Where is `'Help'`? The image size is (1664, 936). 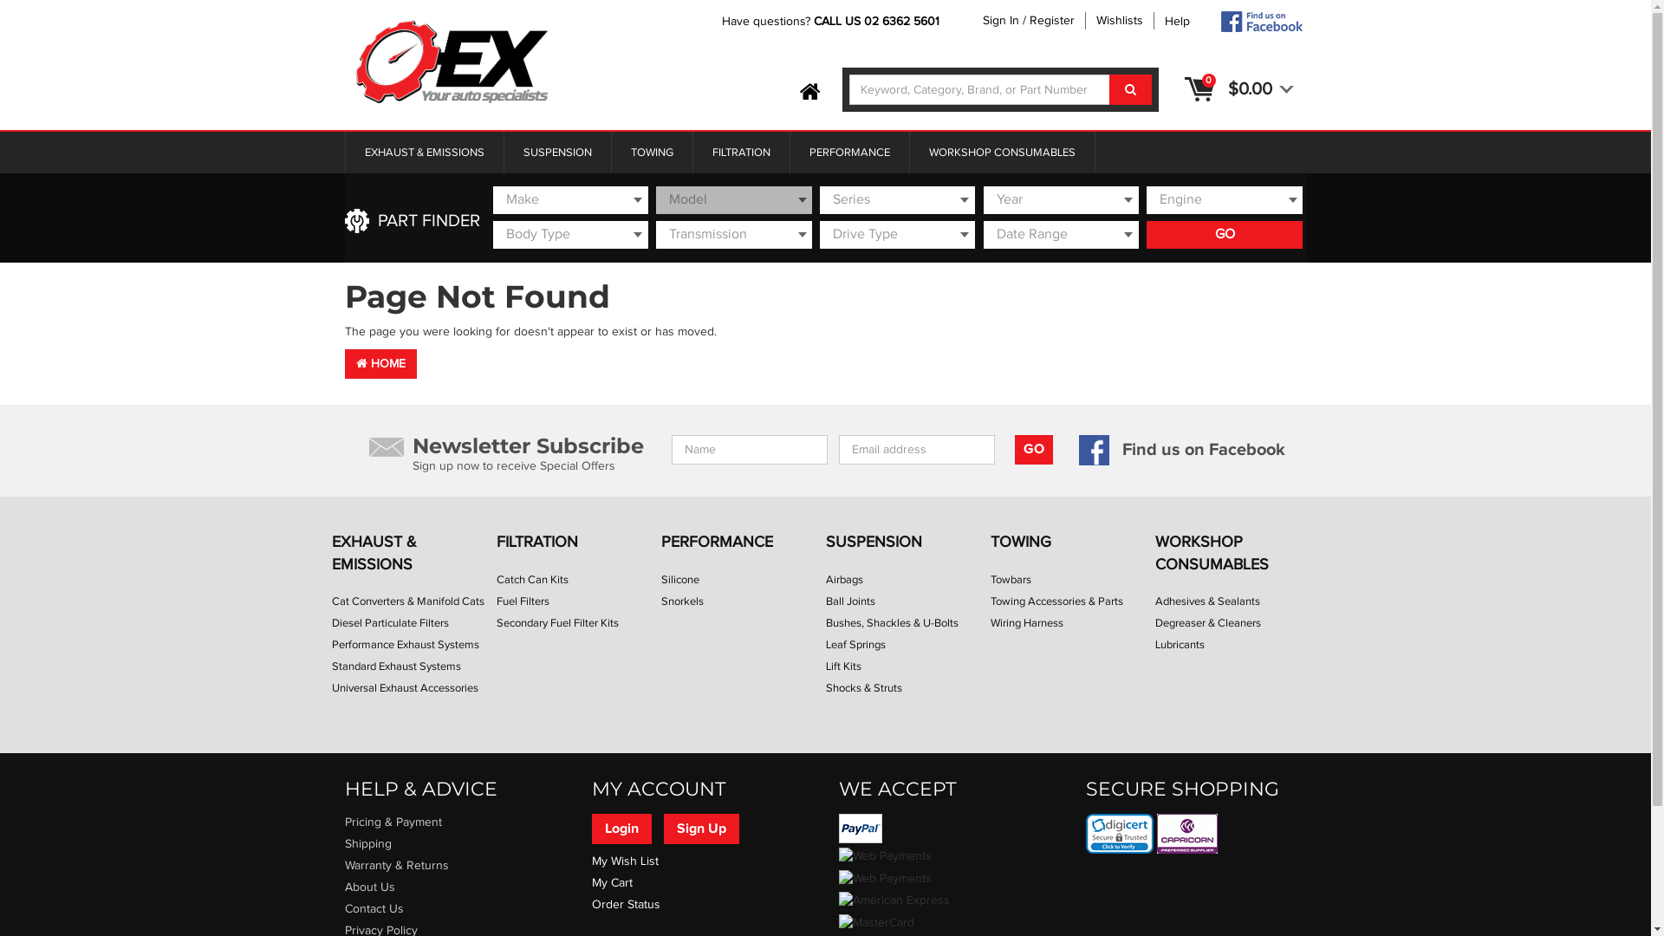
'Help' is located at coordinates (1184, 21).